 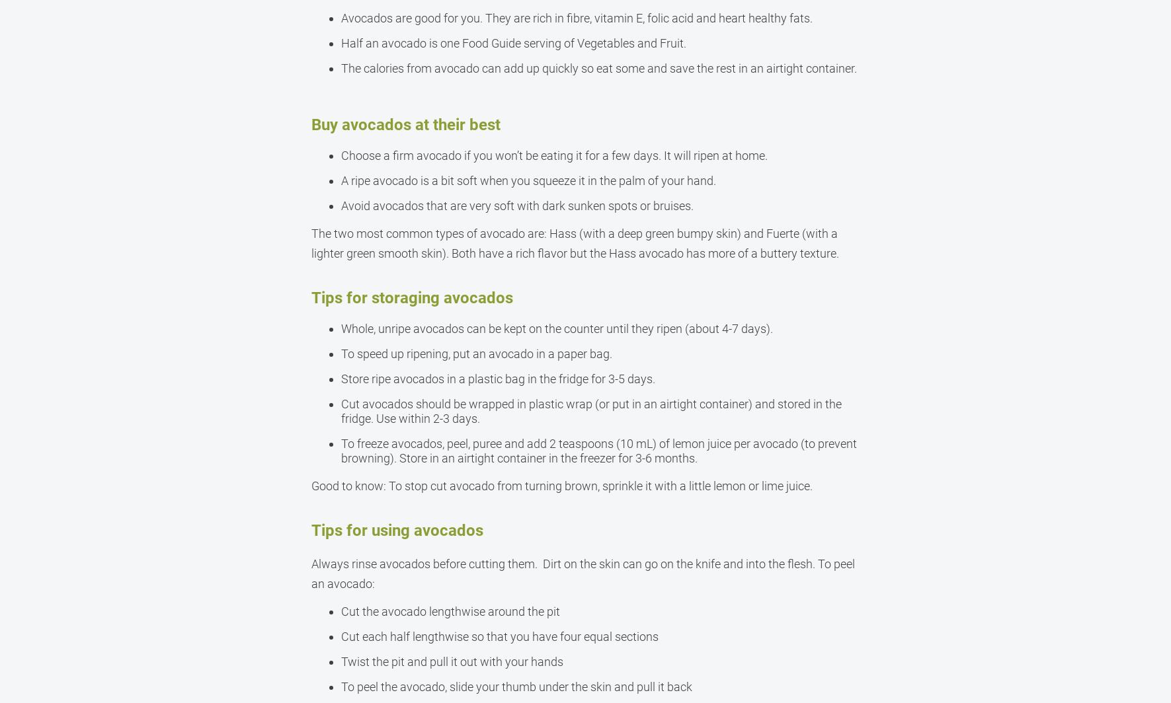 I want to click on 'Avoid avocados that are very soft with dark sunken spots or bruises.', so click(x=340, y=205).